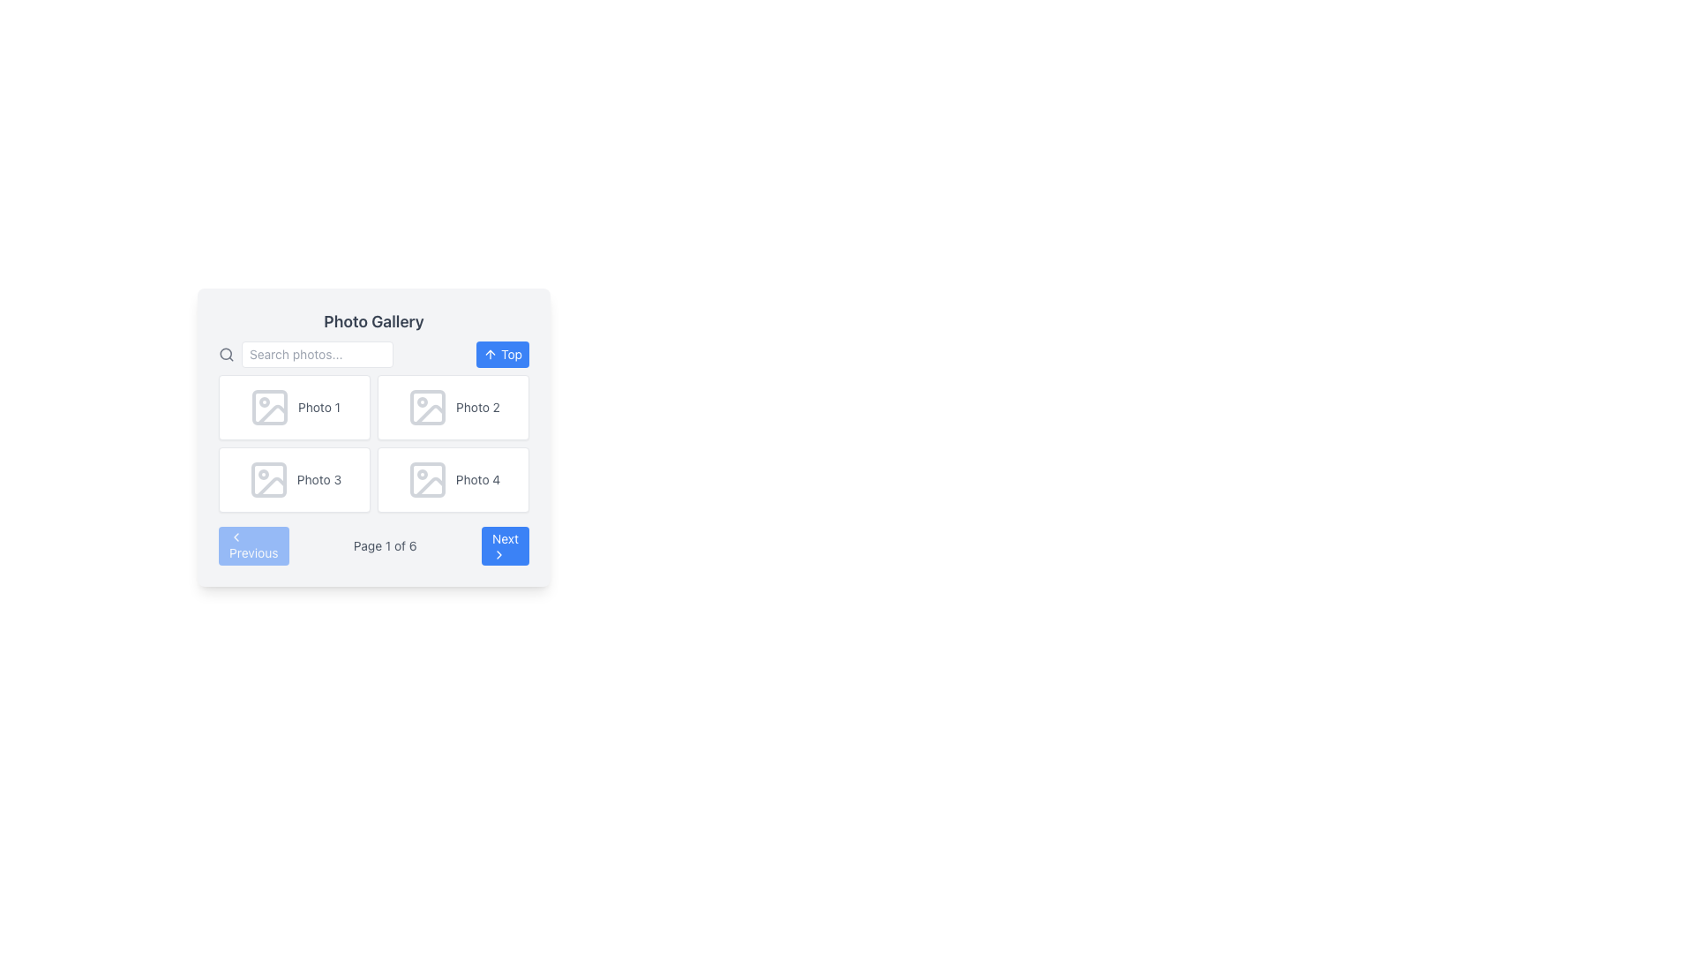  Describe the element at coordinates (295, 408) in the screenshot. I see `the 'Photo 1' selectable button in the grid layout` at that location.